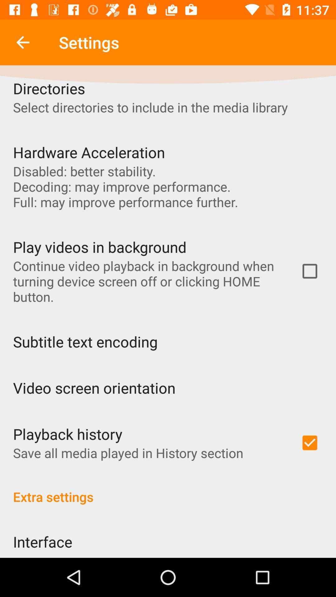  I want to click on the item above interface, so click(168, 490).